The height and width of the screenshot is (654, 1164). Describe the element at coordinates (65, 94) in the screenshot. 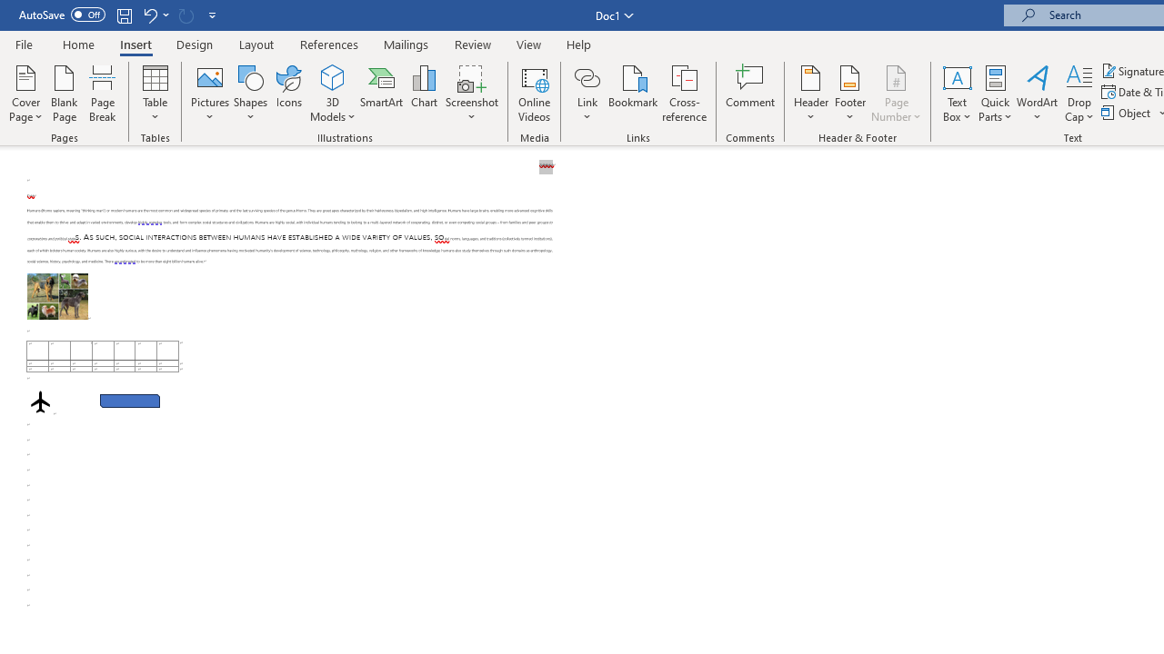

I see `'Blank Page'` at that location.